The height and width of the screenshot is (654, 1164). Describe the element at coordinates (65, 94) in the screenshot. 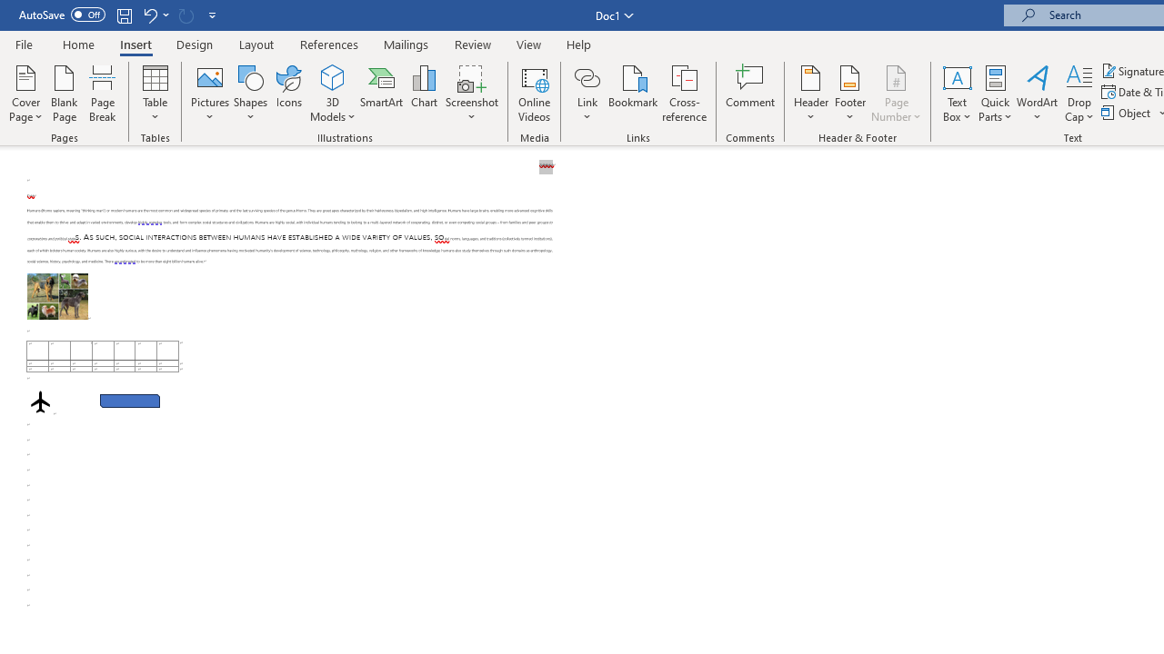

I see `'Blank Page'` at that location.